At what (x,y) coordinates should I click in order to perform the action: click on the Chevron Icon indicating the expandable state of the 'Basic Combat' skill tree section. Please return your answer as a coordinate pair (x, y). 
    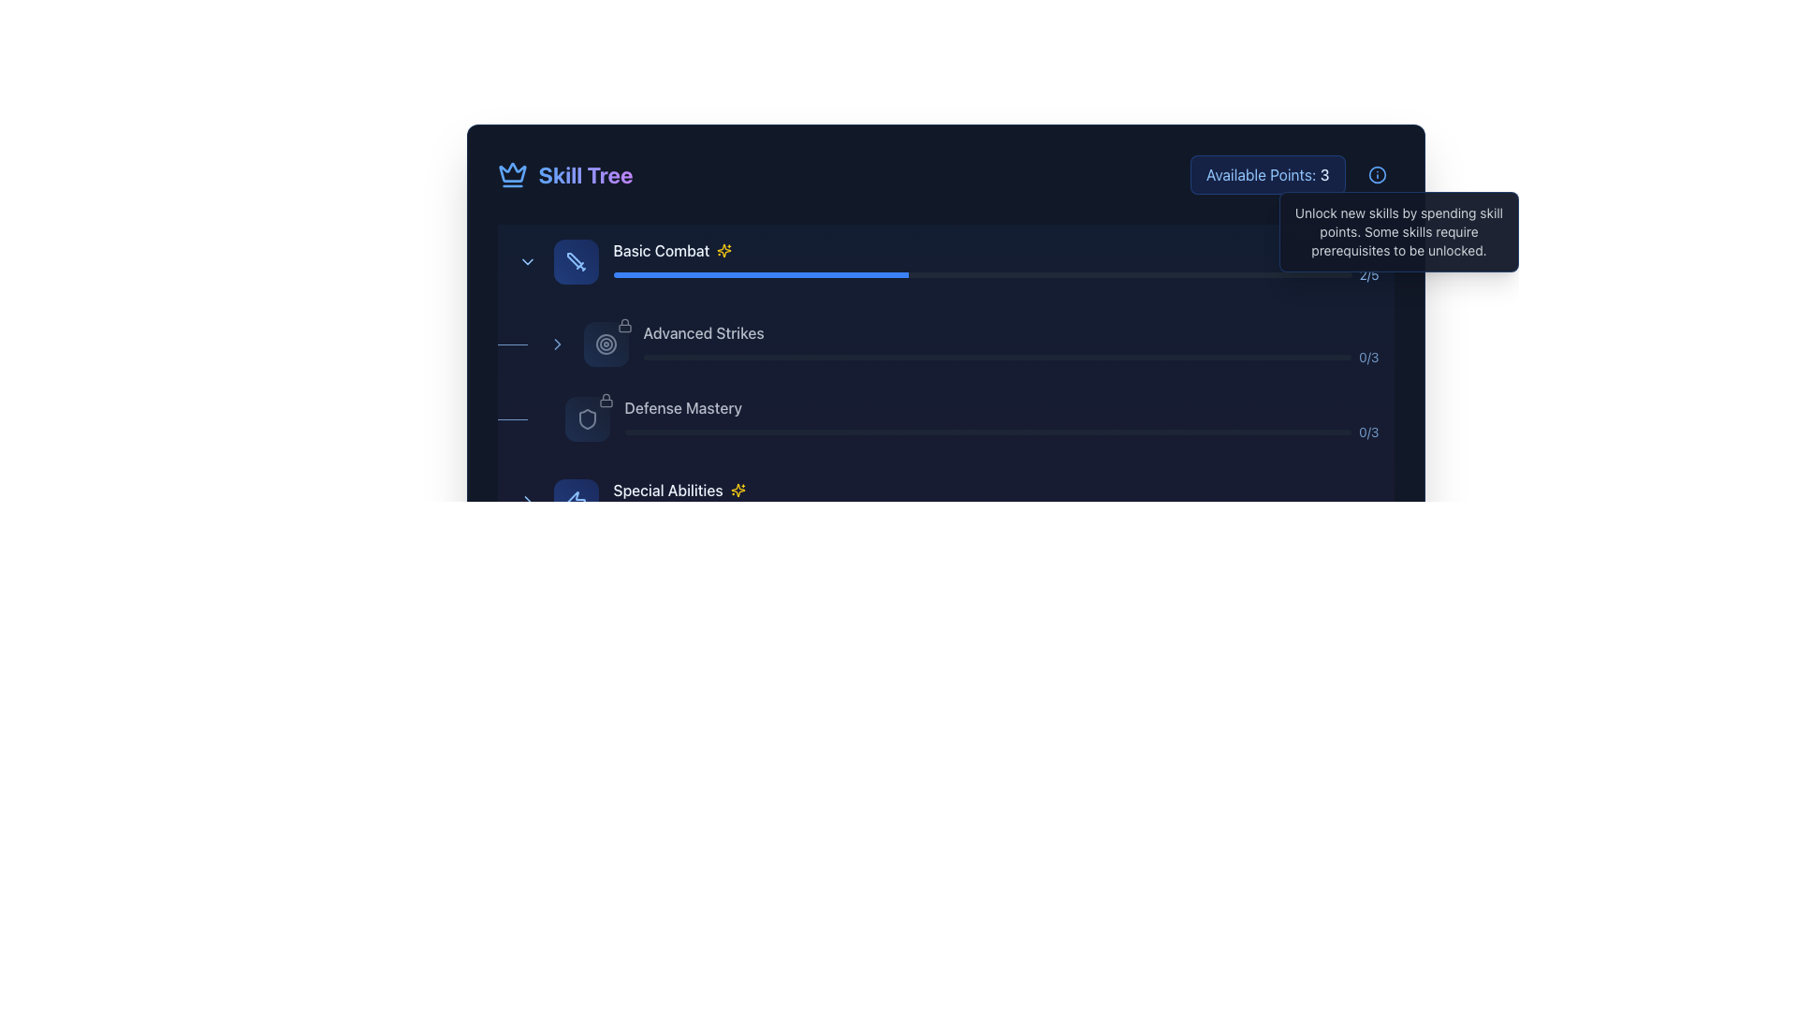
    Looking at the image, I should click on (526, 501).